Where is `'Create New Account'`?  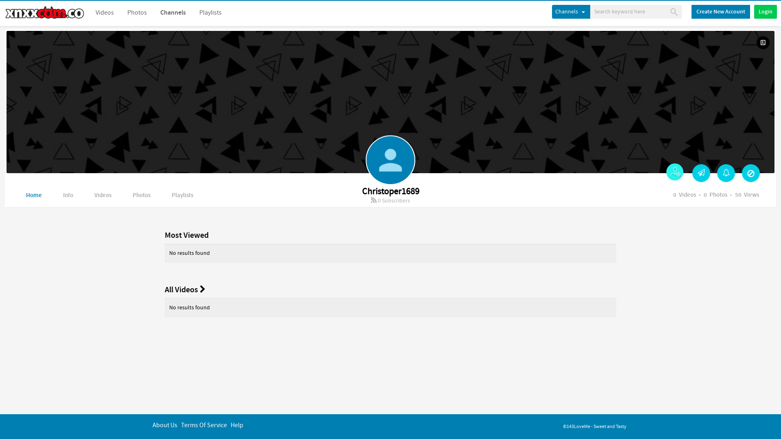
'Create New Account' is located at coordinates (691, 12).